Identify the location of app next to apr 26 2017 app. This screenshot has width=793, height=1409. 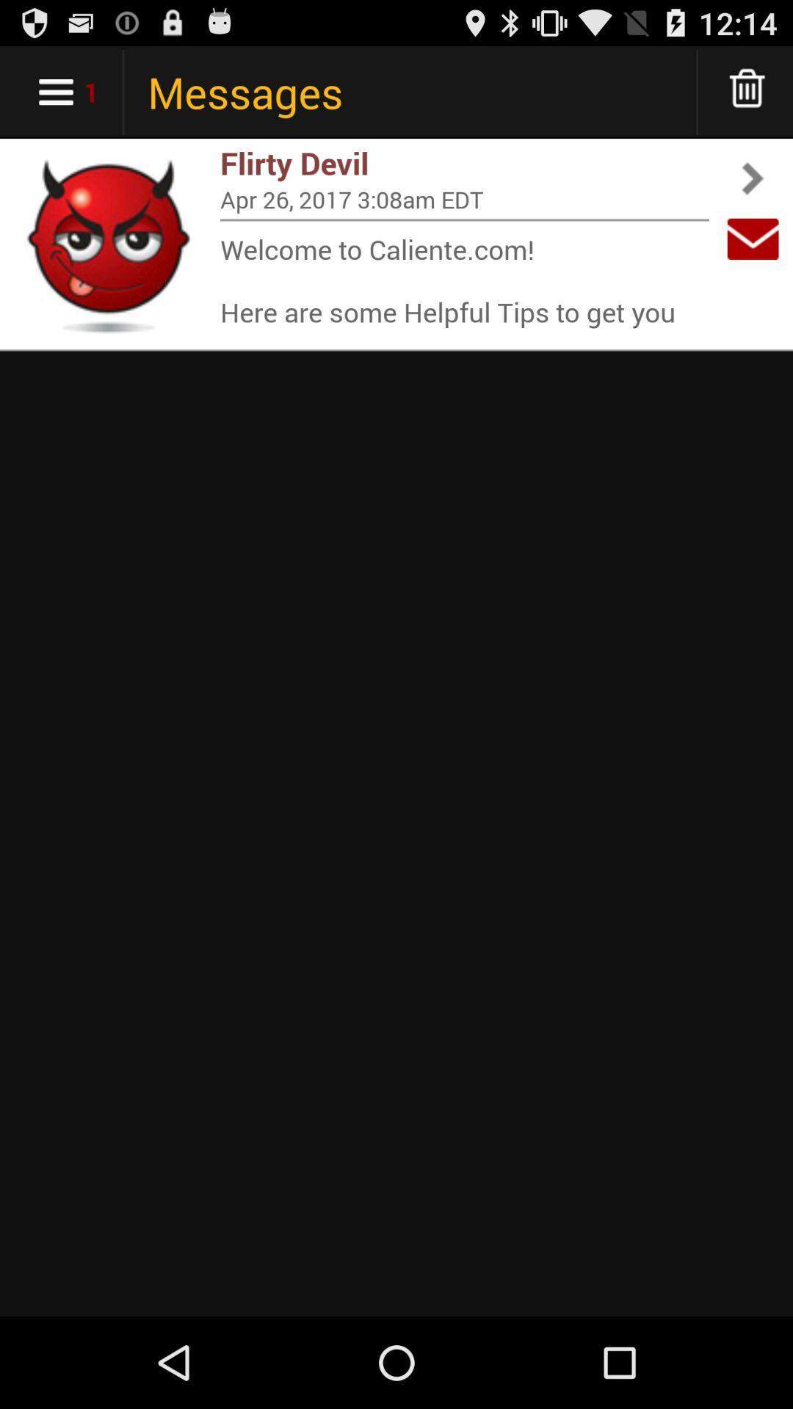
(753, 239).